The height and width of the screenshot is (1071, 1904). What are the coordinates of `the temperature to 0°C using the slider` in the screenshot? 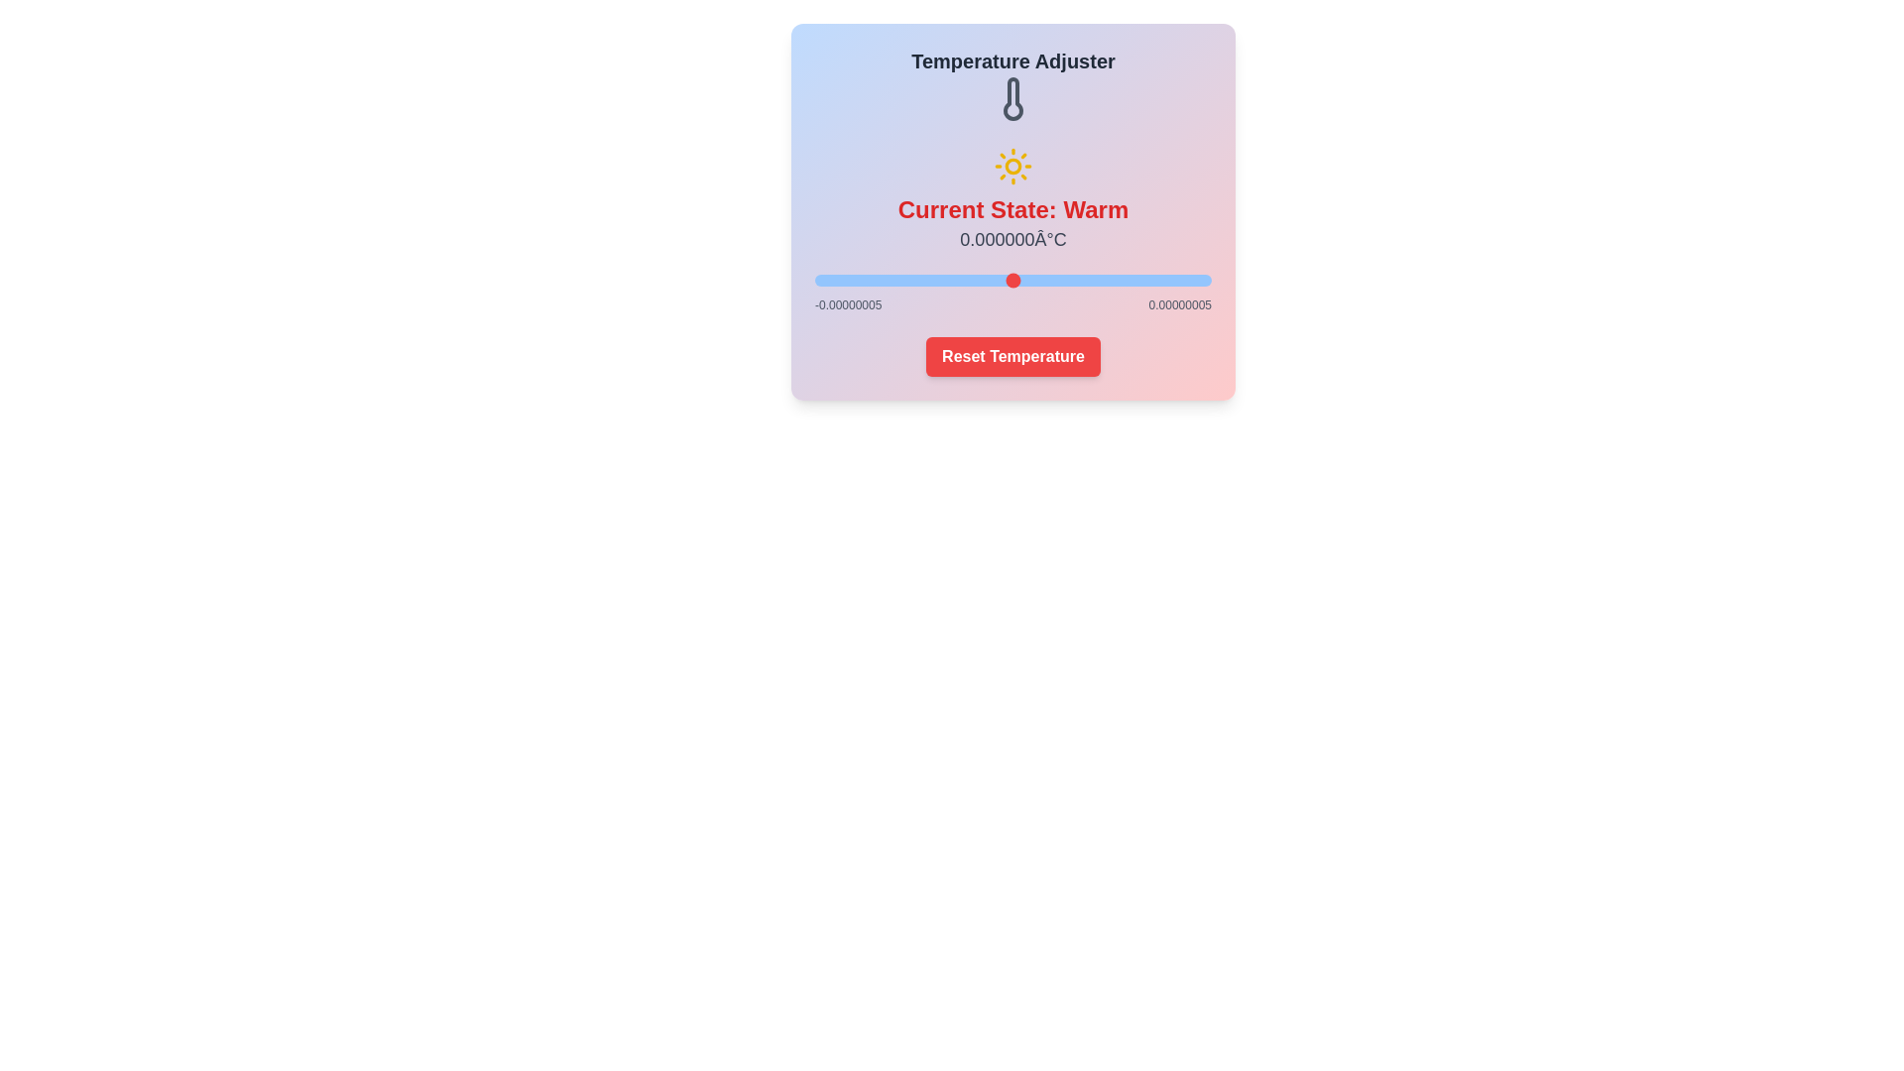 It's located at (1013, 280).